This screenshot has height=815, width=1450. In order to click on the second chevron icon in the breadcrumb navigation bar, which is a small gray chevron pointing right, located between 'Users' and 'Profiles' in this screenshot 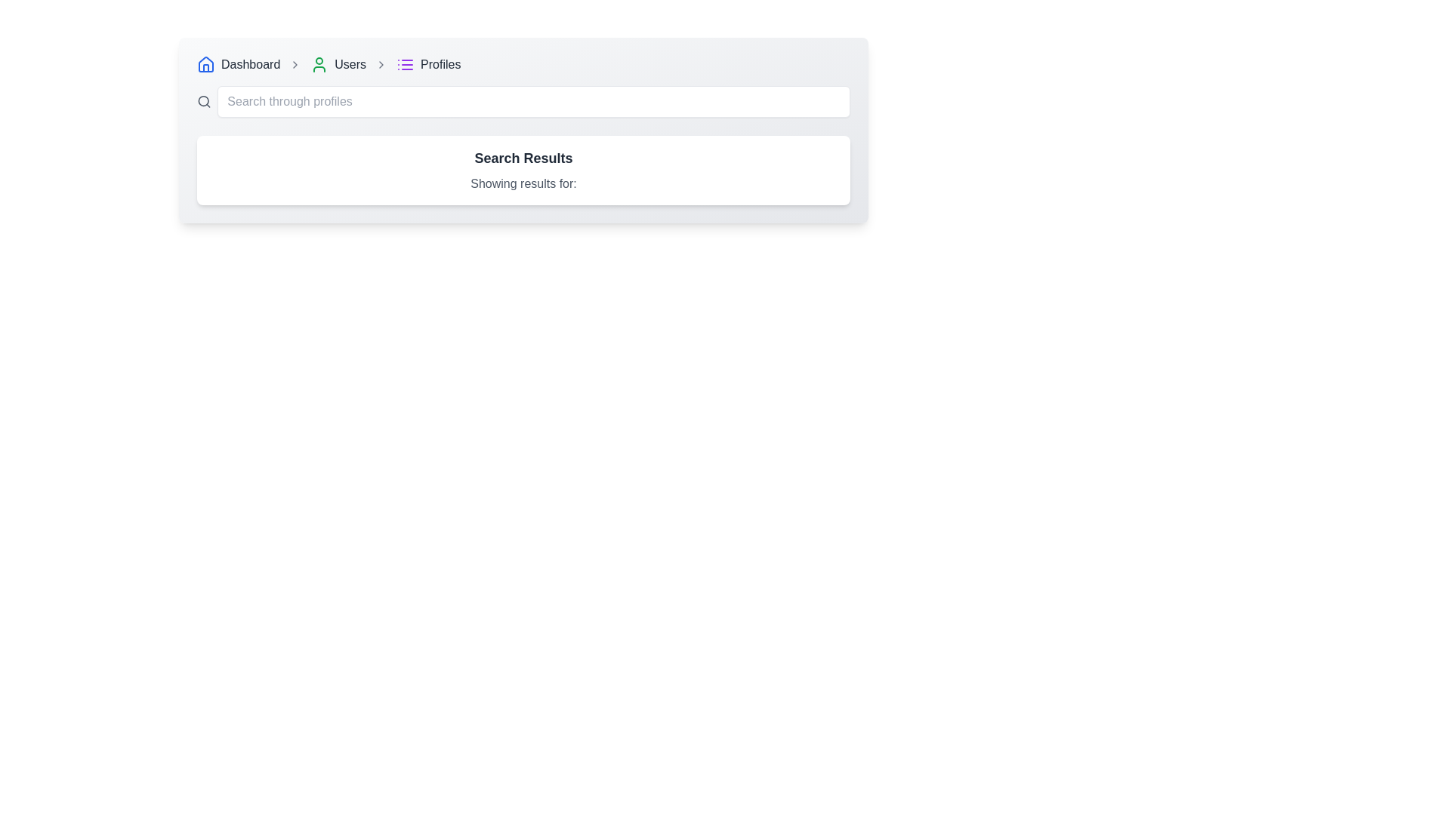, I will do `click(381, 63)`.